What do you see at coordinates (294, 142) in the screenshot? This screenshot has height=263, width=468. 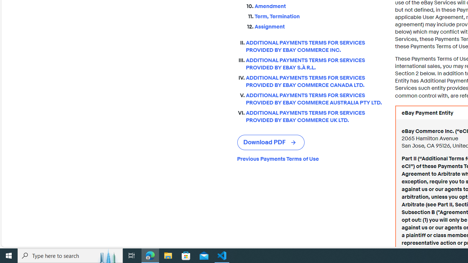 I see `'Class: ski-btn__arrow'` at bounding box center [294, 142].